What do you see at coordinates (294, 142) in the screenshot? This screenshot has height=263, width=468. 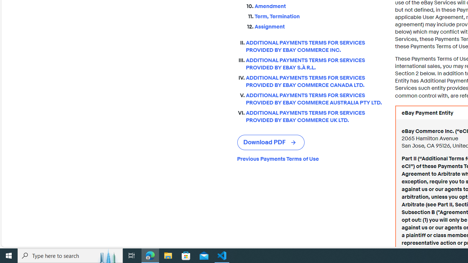 I see `'Class: ski-btn__arrow'` at bounding box center [294, 142].